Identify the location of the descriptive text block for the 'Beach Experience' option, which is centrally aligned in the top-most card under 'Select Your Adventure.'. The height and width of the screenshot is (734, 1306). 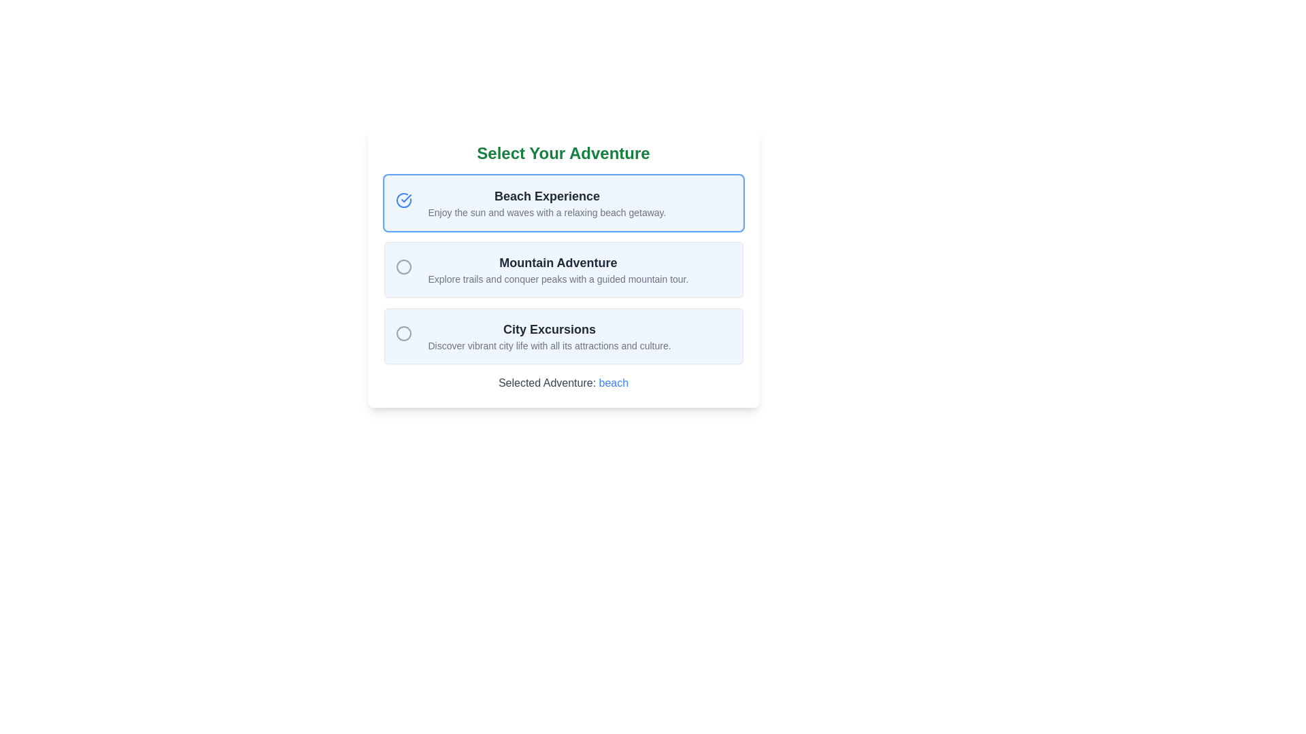
(547, 203).